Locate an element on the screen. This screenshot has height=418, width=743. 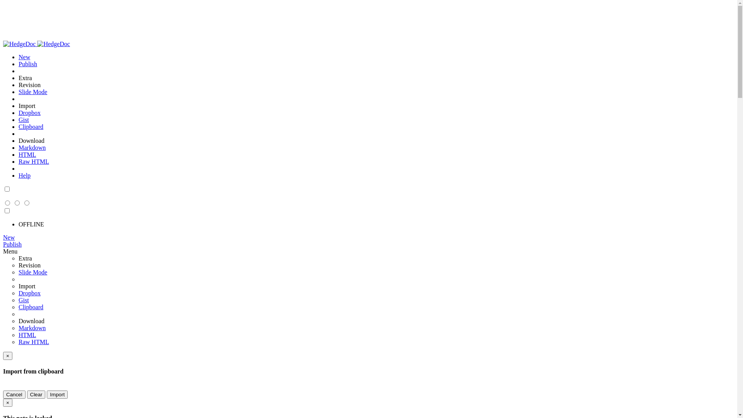
'Night Theme' is located at coordinates (7, 211).